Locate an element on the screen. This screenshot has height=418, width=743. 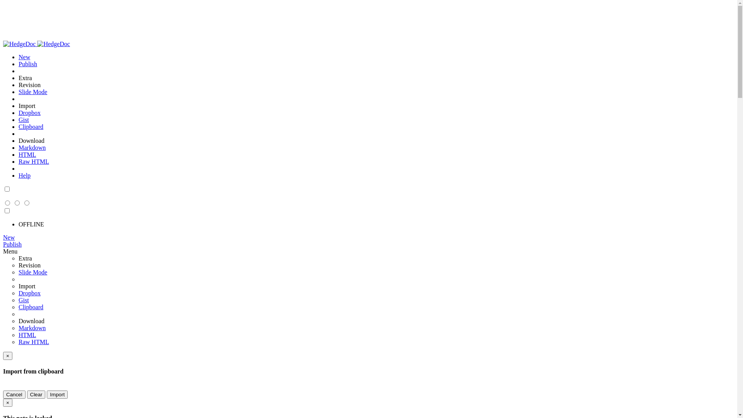
'Night Theme' is located at coordinates (7, 211).